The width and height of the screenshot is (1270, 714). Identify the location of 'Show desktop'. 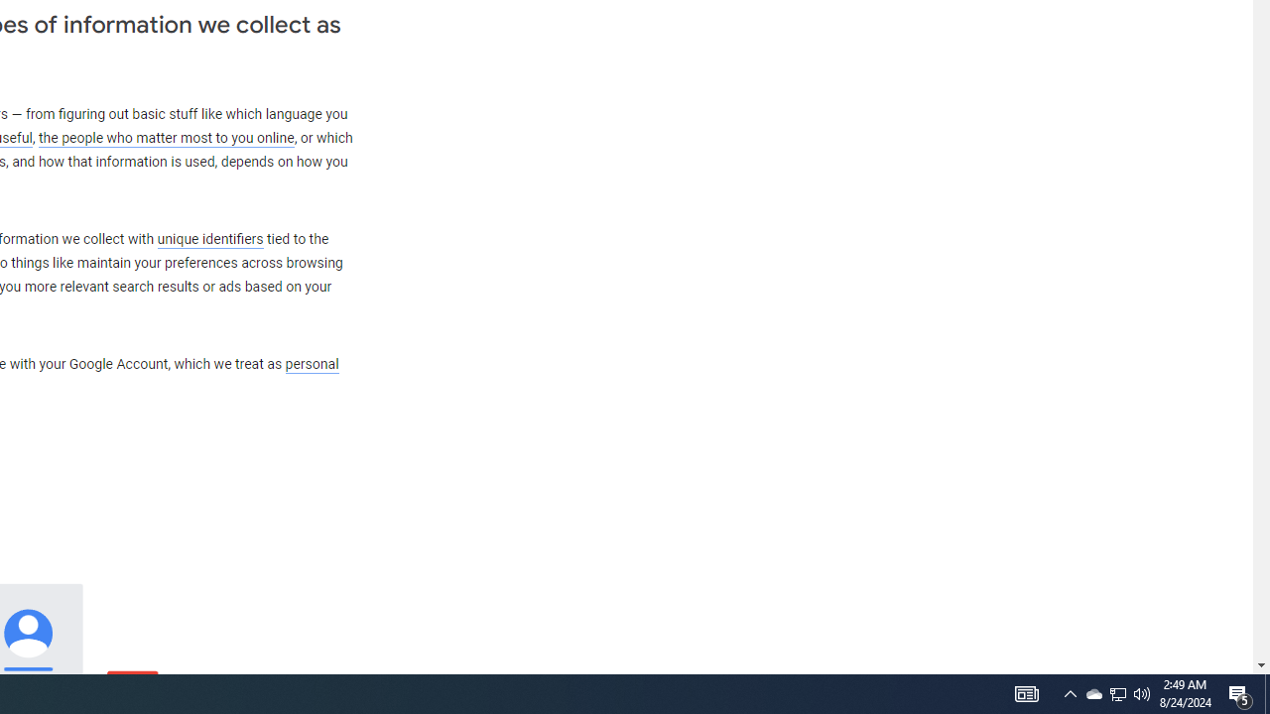
(1266, 692).